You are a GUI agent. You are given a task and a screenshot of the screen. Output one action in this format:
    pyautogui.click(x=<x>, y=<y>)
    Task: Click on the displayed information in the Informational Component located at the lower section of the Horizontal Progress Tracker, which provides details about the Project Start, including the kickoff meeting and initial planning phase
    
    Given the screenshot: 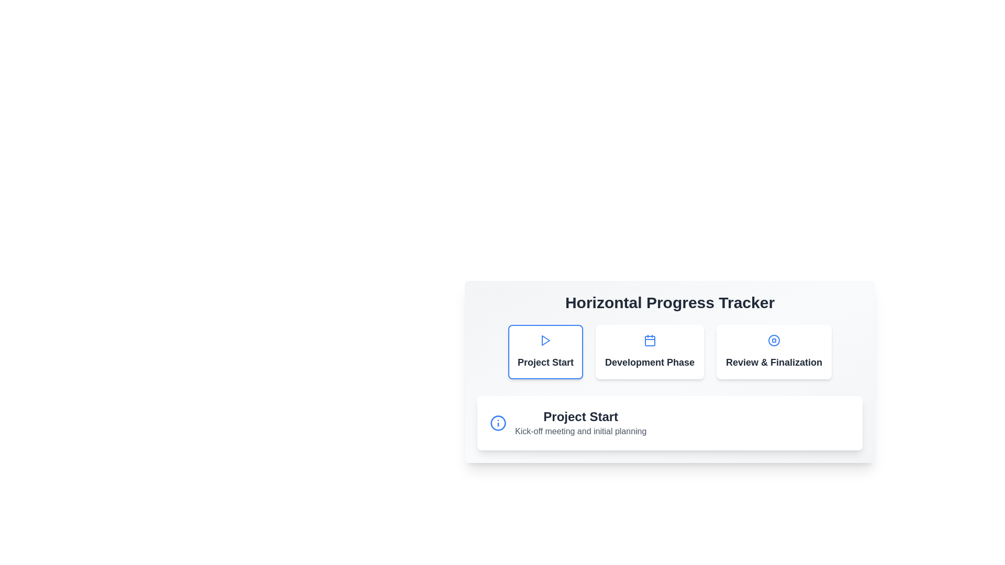 What is the action you would take?
    pyautogui.click(x=670, y=423)
    